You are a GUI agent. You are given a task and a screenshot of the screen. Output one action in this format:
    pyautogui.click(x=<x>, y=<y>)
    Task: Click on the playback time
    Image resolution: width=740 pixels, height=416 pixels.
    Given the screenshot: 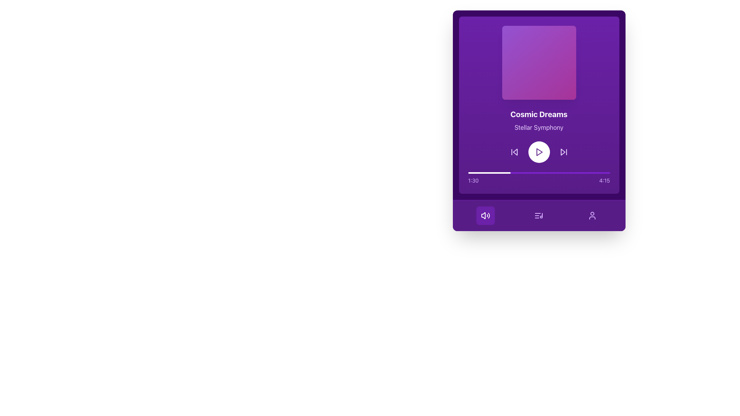 What is the action you would take?
    pyautogui.click(x=547, y=172)
    